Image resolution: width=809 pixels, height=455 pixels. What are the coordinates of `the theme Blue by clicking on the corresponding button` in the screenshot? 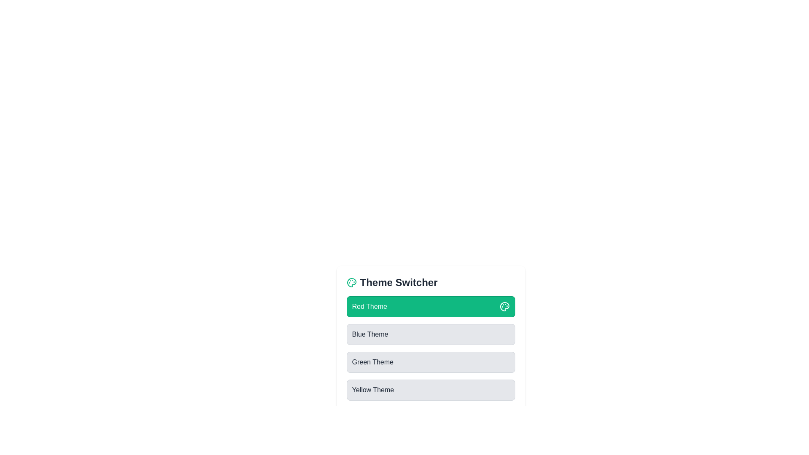 It's located at (431, 334).